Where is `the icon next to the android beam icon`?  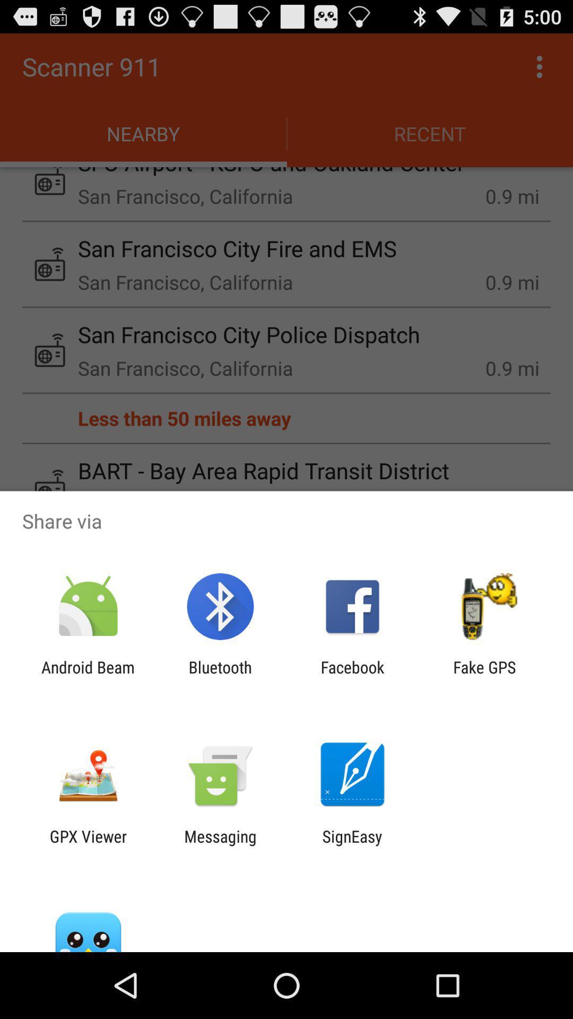 the icon next to the android beam icon is located at coordinates (220, 676).